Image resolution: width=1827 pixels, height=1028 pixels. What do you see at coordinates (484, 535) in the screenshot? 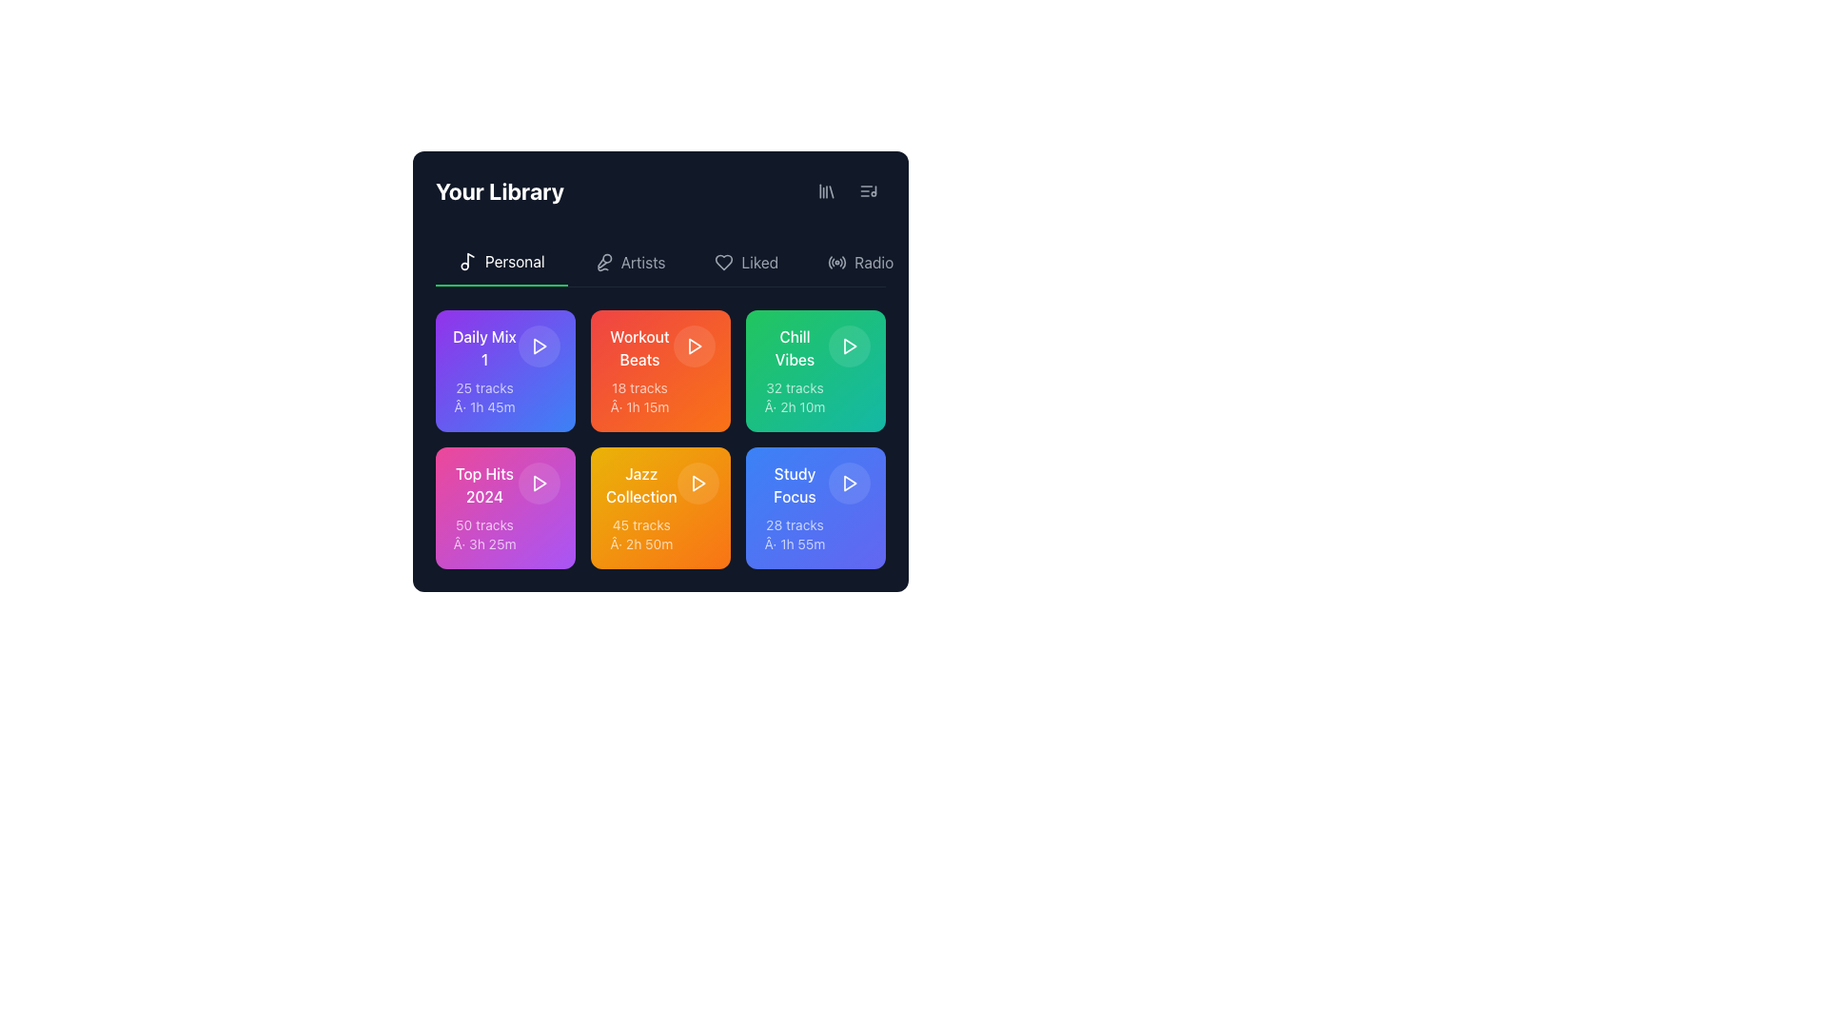
I see `the Text label that displays the number of tracks and total playtime, located below 'Top Hits 2024' on the purple tile` at bounding box center [484, 535].